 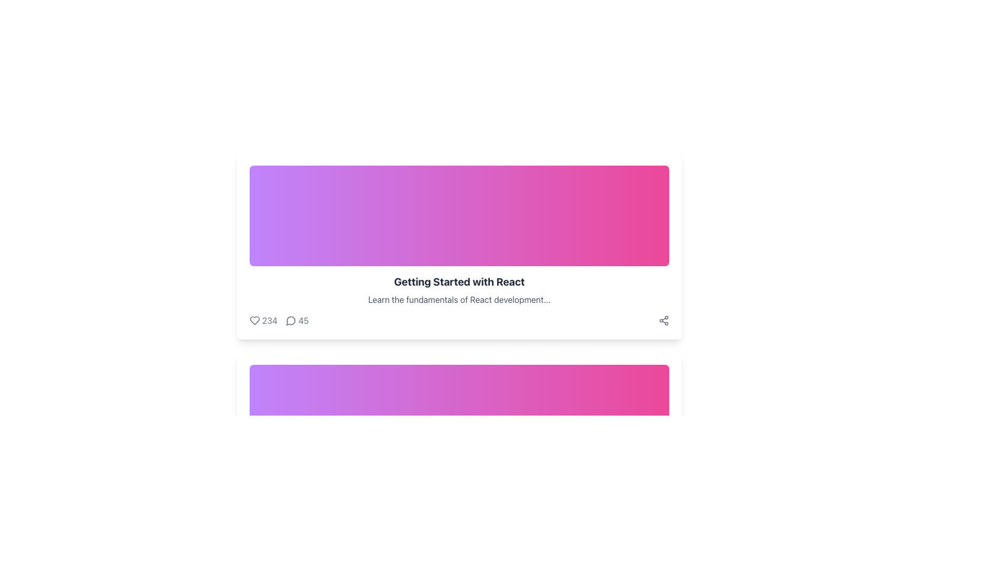 I want to click on text display showing the value '234', which is positioned to the right of a heart icon and is located at the lower-left side of the card, so click(x=270, y=320).